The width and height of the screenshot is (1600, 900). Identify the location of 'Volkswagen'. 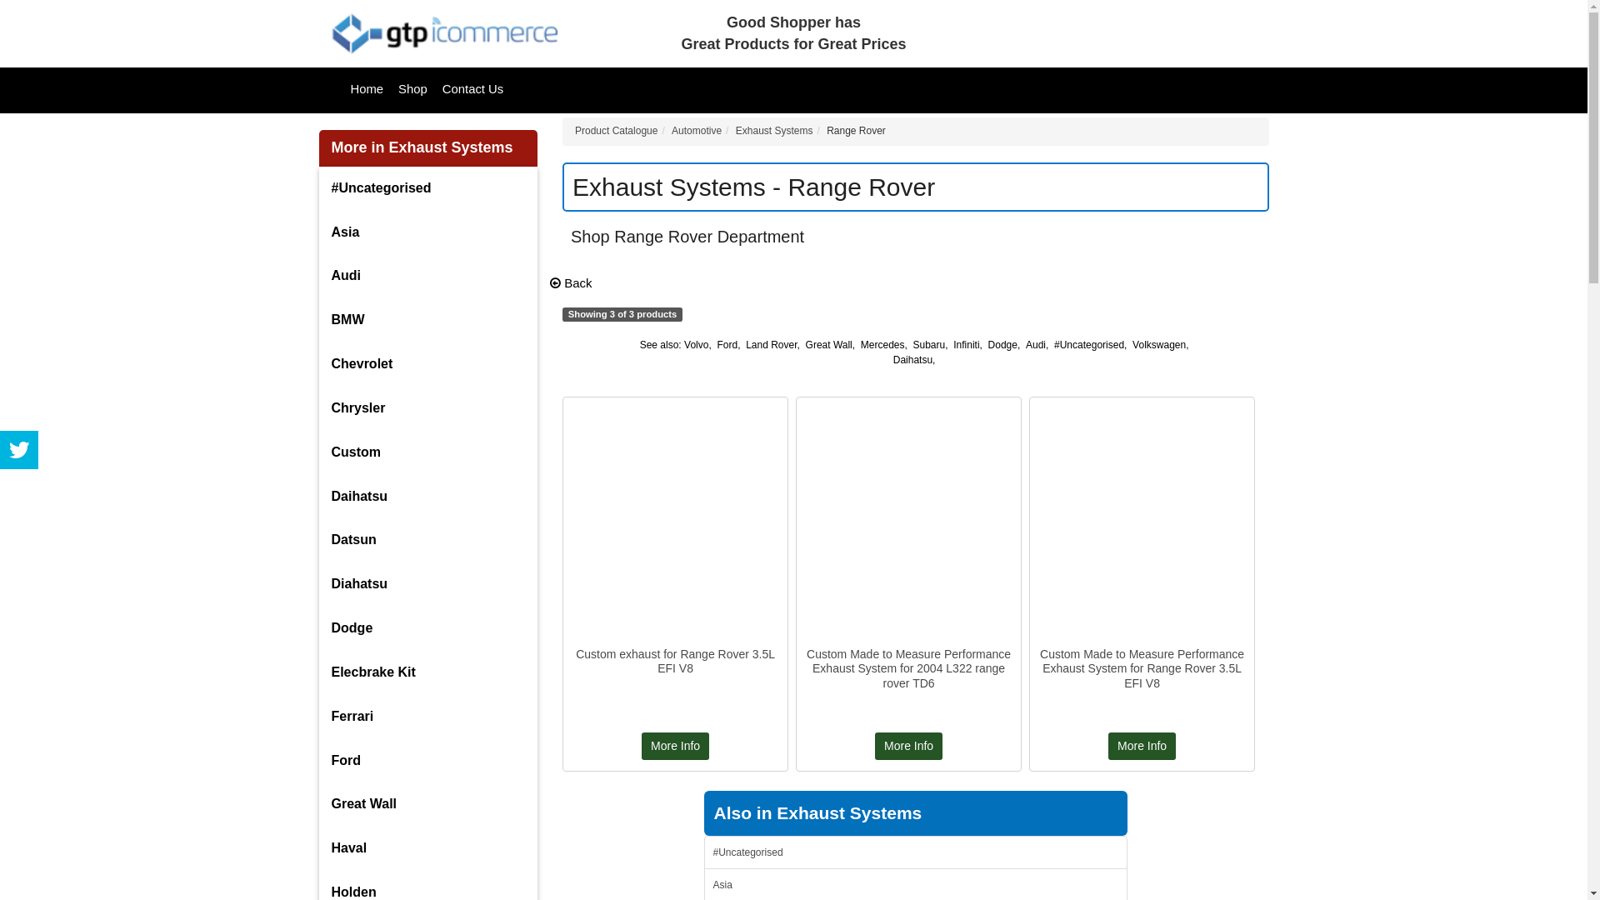
(1158, 343).